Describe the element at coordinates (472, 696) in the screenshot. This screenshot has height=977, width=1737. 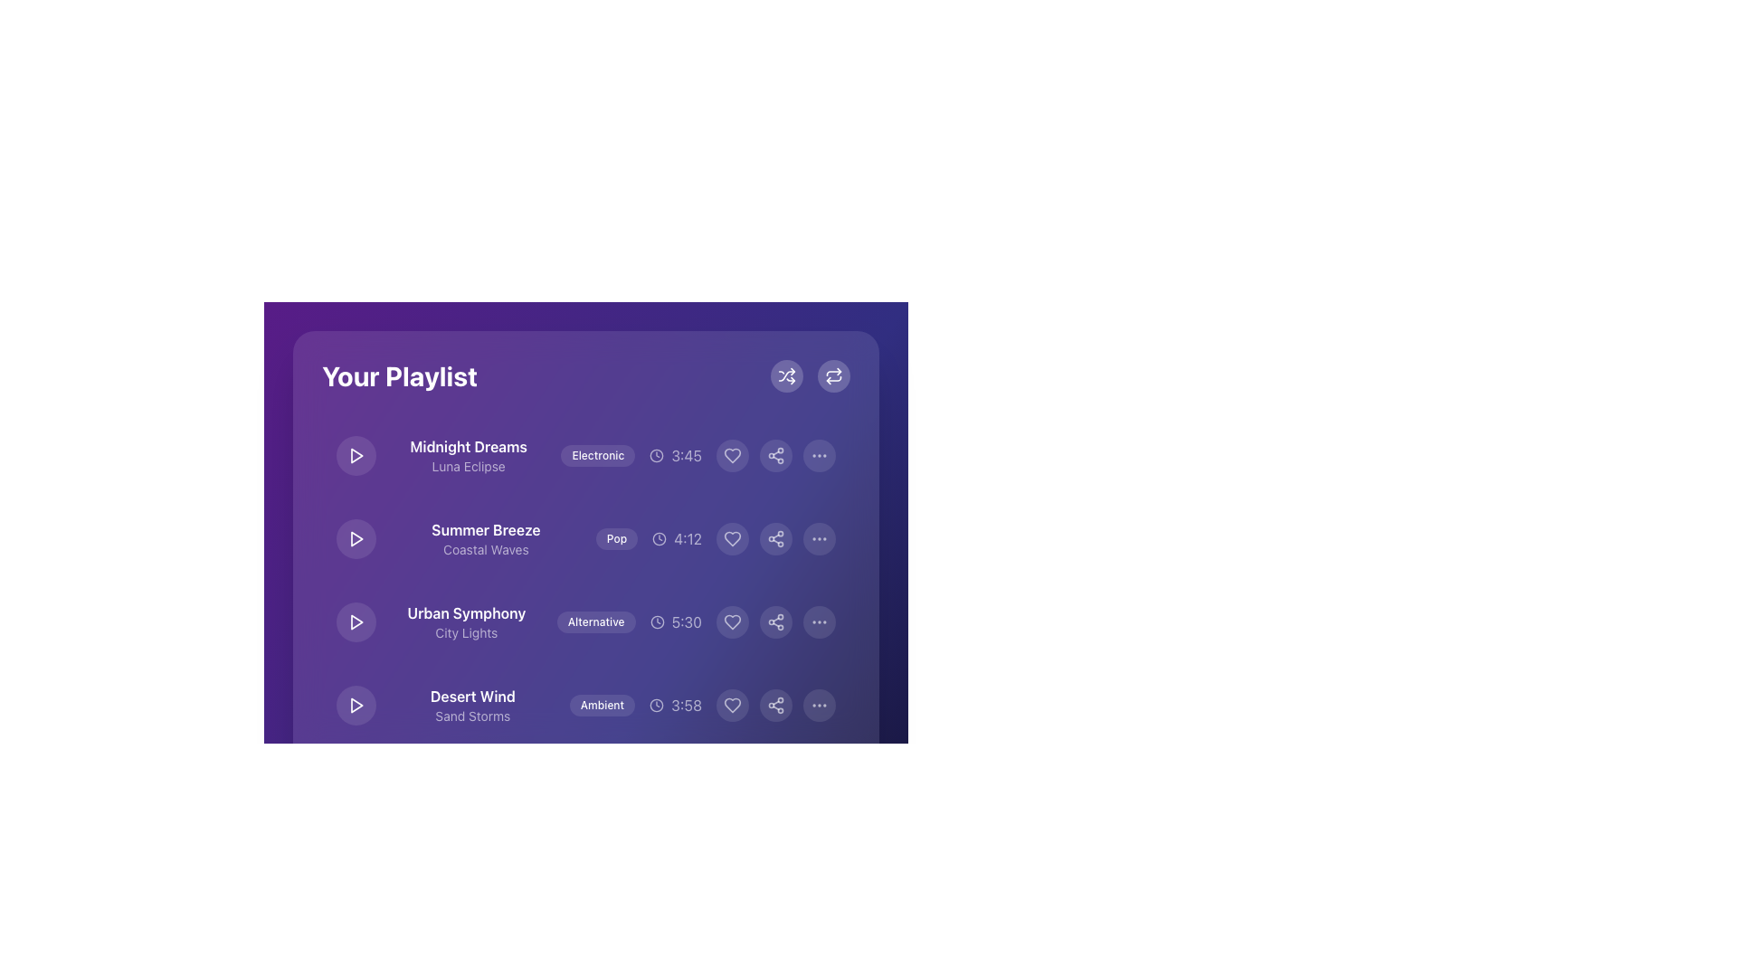
I see `the text label 'Desert Wind', which is displayed in bold, white font on a purple background and is the fourth item in the playlist, positioned above 'Sand Storms'` at that location.